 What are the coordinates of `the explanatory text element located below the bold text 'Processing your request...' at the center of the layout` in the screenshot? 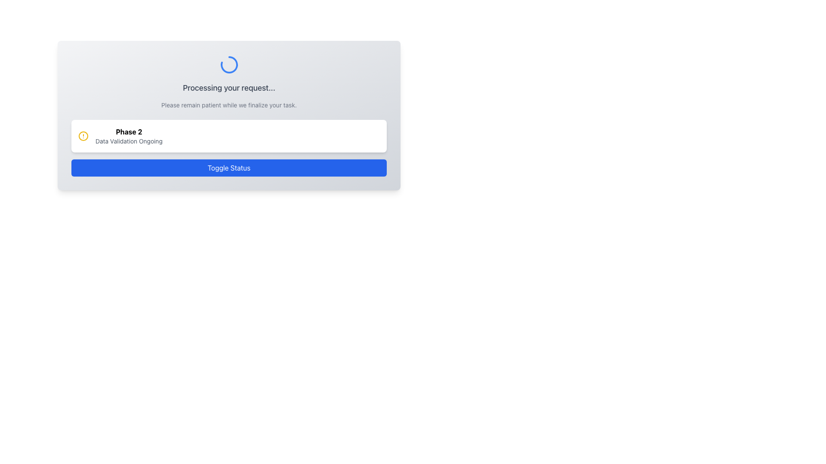 It's located at (229, 105).